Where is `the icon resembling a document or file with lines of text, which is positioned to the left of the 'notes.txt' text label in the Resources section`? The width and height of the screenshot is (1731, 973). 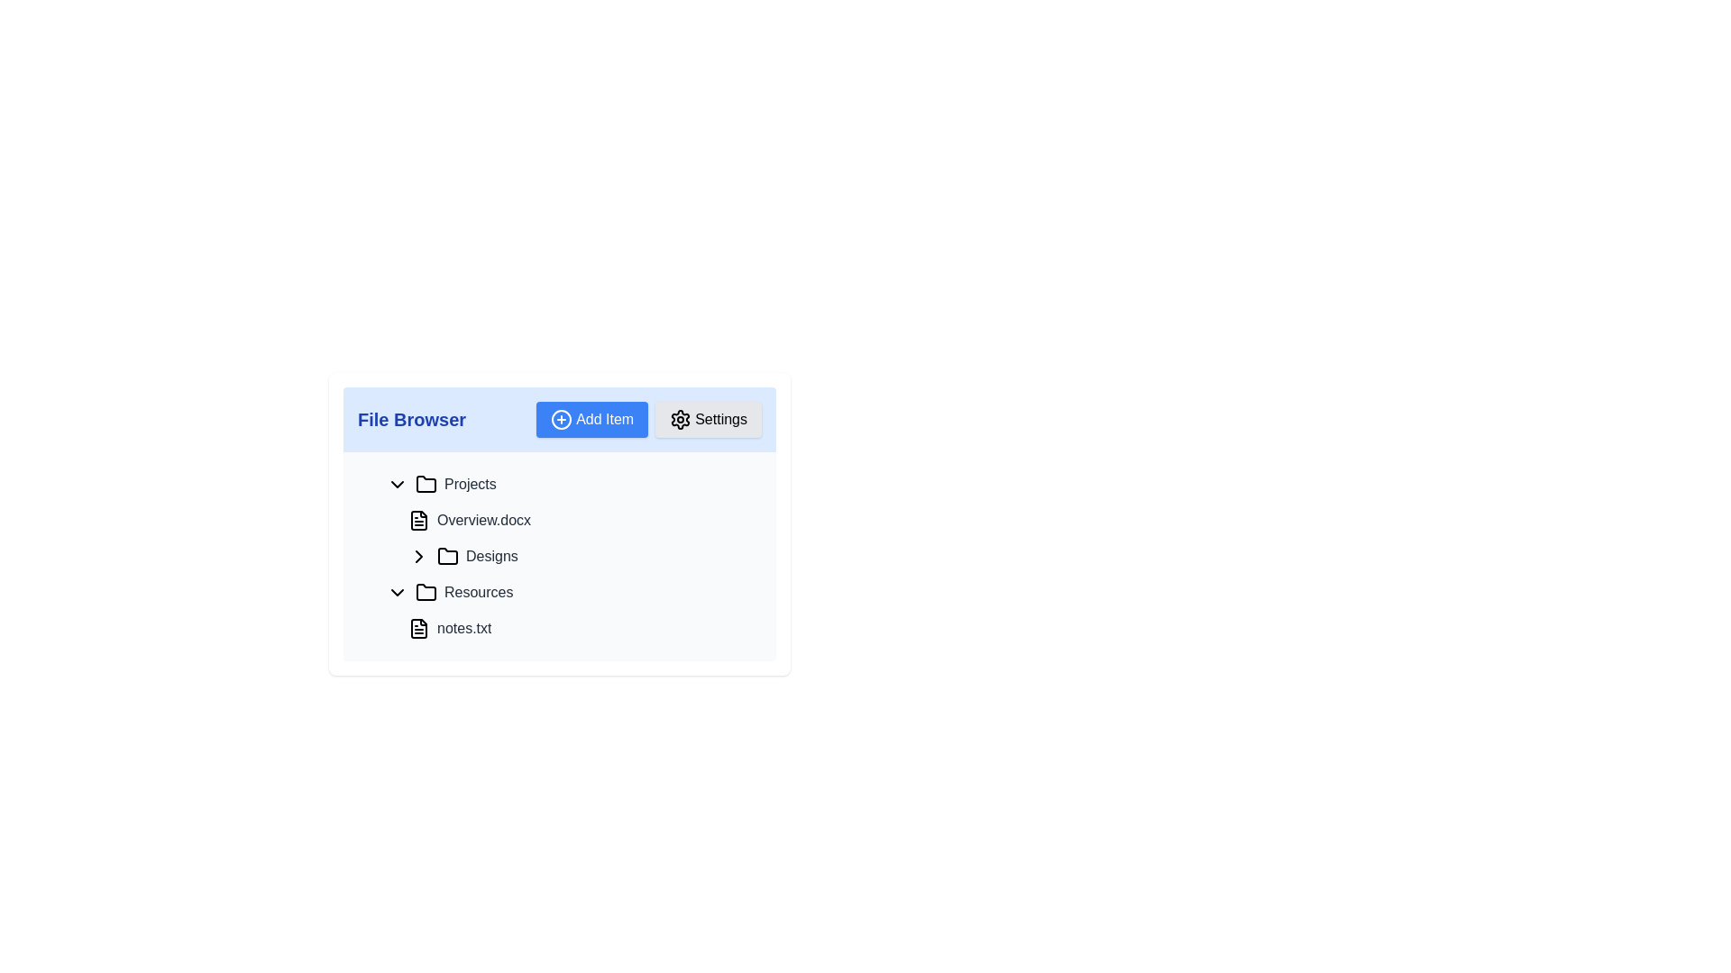 the icon resembling a document or file with lines of text, which is positioned to the left of the 'notes.txt' text label in the Resources section is located at coordinates (418, 628).